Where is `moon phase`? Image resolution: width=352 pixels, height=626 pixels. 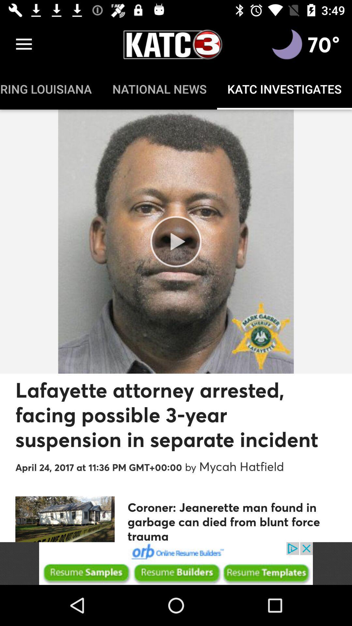
moon phase is located at coordinates (287, 44).